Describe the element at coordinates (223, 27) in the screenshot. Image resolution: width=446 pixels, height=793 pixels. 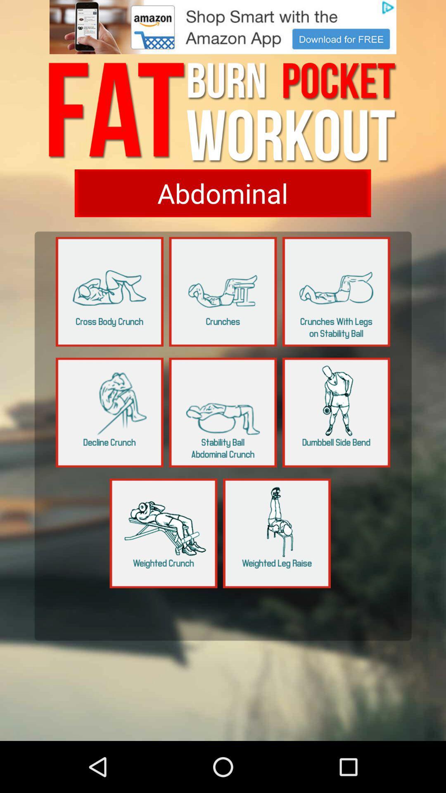
I see `image icon` at that location.